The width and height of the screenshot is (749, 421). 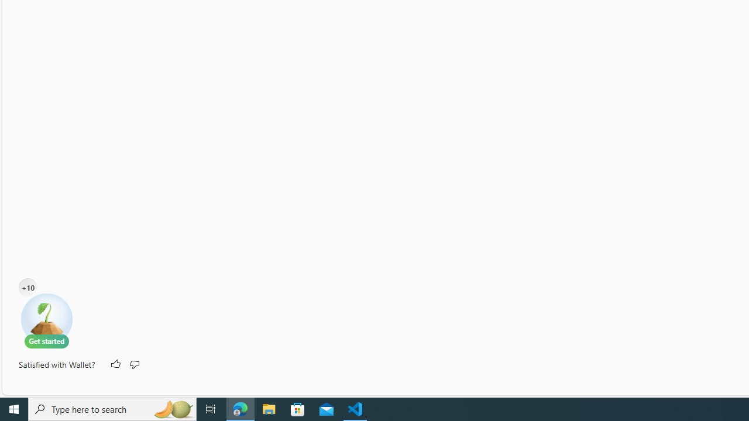 I want to click on 'E-tree', so click(x=47, y=320).